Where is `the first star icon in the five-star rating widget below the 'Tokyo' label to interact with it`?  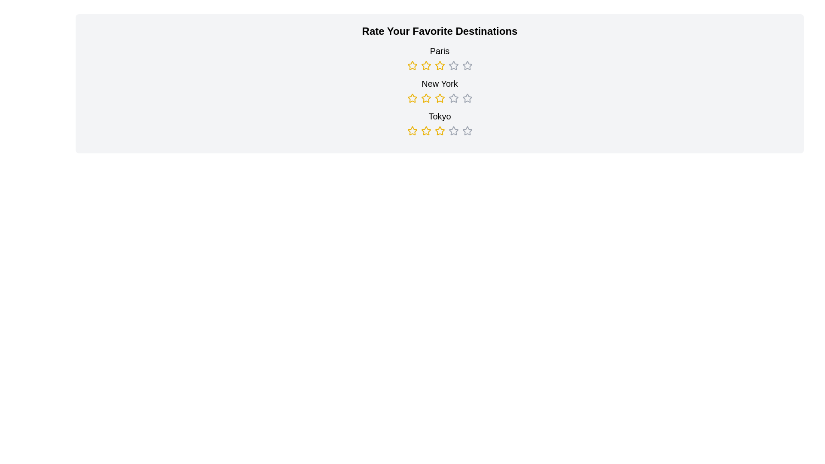 the first star icon in the five-star rating widget below the 'Tokyo' label to interact with it is located at coordinates (412, 131).